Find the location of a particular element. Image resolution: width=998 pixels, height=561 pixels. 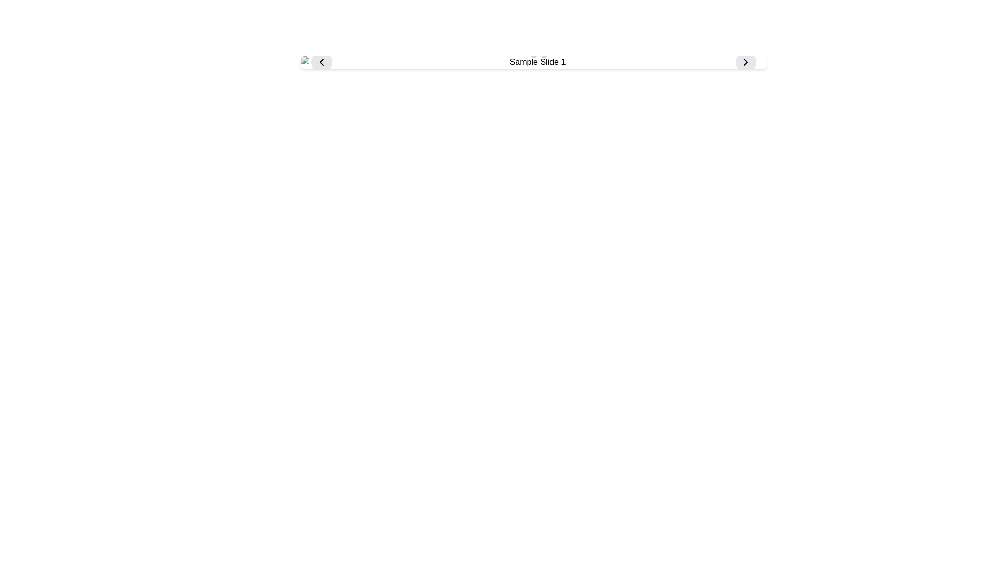

the circular button with a light gray background and a leftward chevron symbol is located at coordinates (321, 62).